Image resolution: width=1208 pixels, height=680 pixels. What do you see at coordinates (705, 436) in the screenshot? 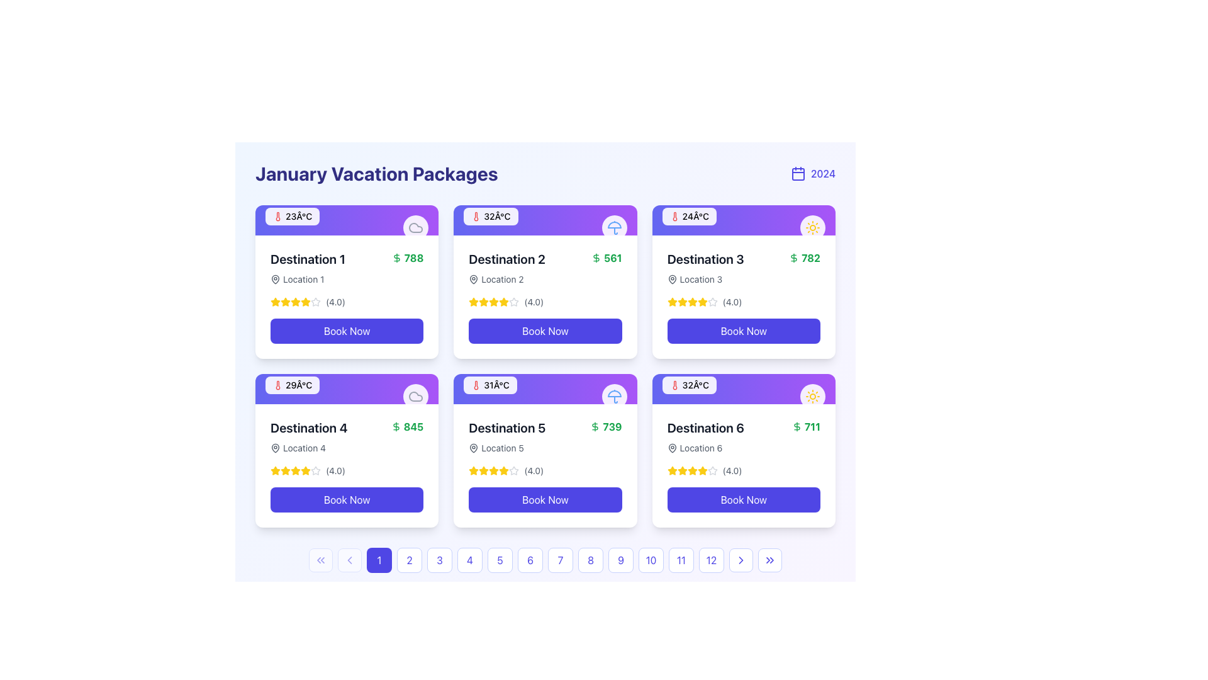
I see `the text block that displays the name and location of a specific destination in the bottom-right card of the vacation packages grid` at bounding box center [705, 436].